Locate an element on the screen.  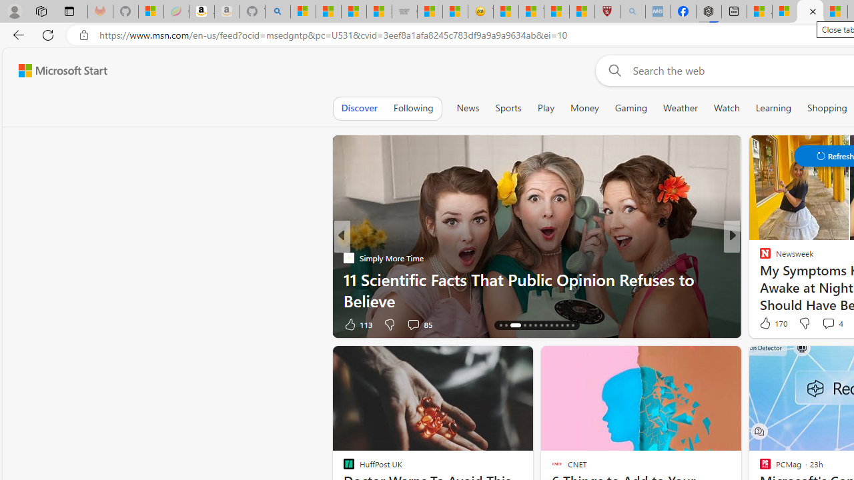
'Gaming' is located at coordinates (630, 107).